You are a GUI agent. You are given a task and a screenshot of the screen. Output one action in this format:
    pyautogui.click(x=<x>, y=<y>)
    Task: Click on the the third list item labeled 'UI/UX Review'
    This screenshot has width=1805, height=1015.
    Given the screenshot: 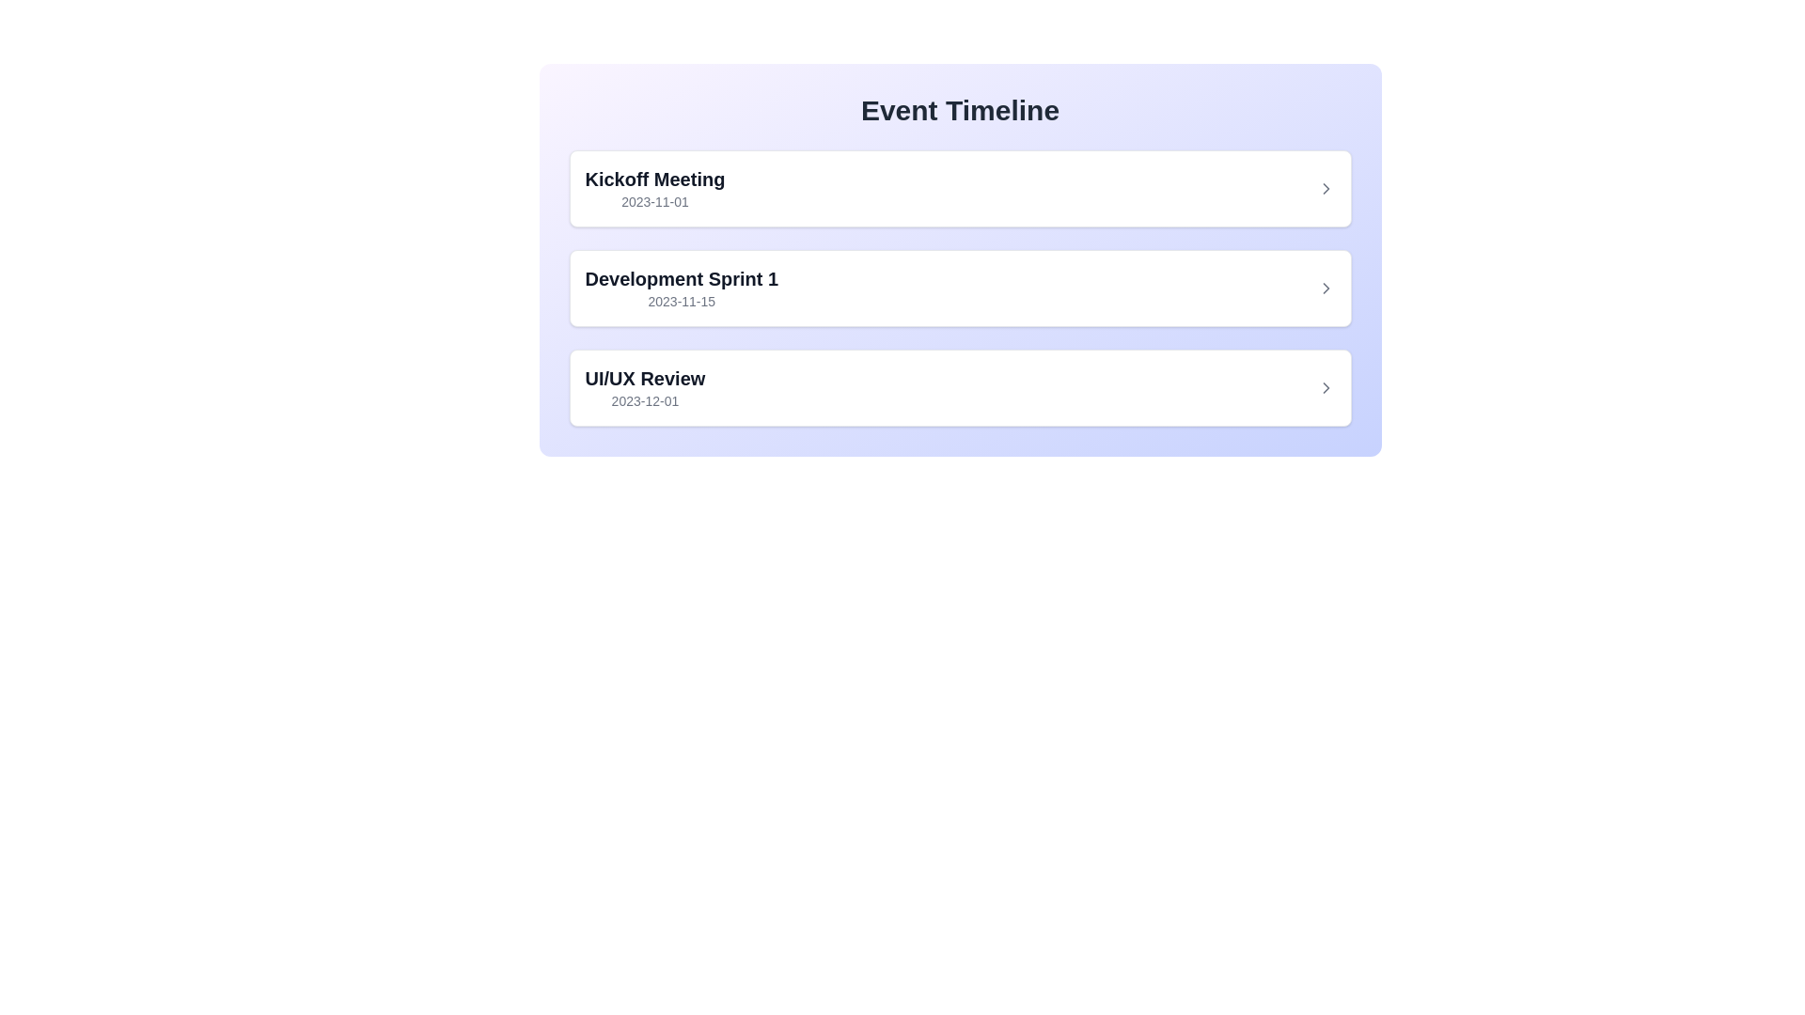 What is the action you would take?
    pyautogui.click(x=960, y=386)
    